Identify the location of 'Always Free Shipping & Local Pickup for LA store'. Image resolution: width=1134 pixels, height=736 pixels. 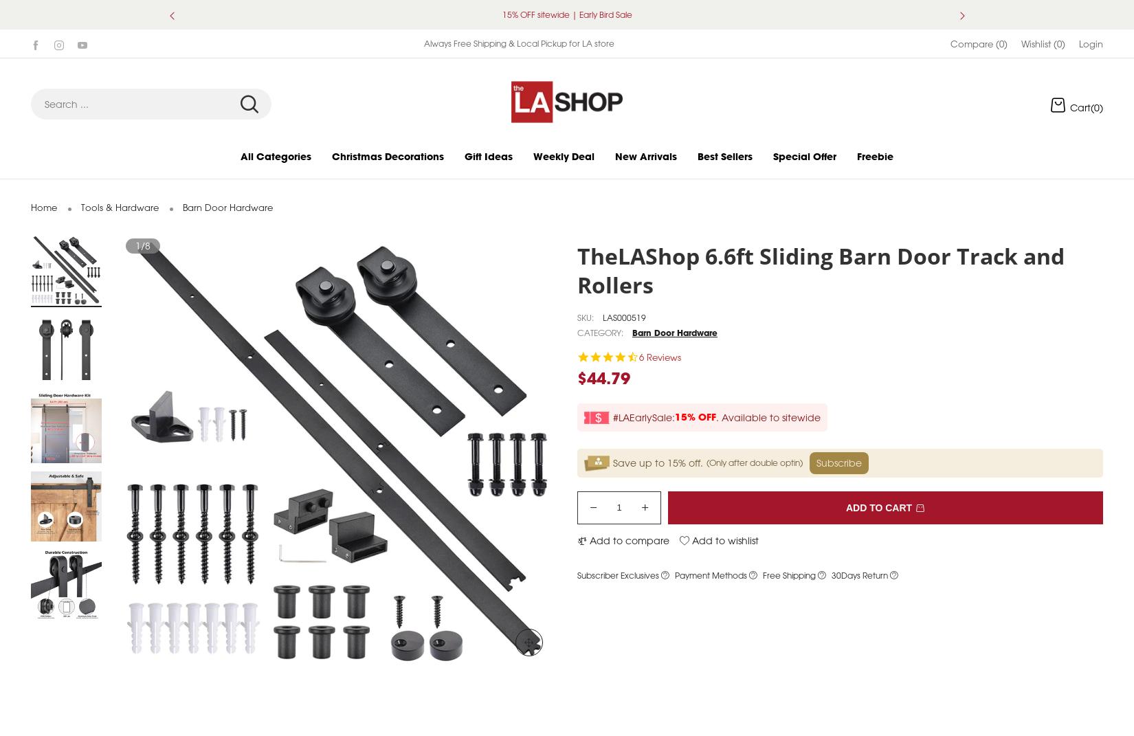
(518, 58).